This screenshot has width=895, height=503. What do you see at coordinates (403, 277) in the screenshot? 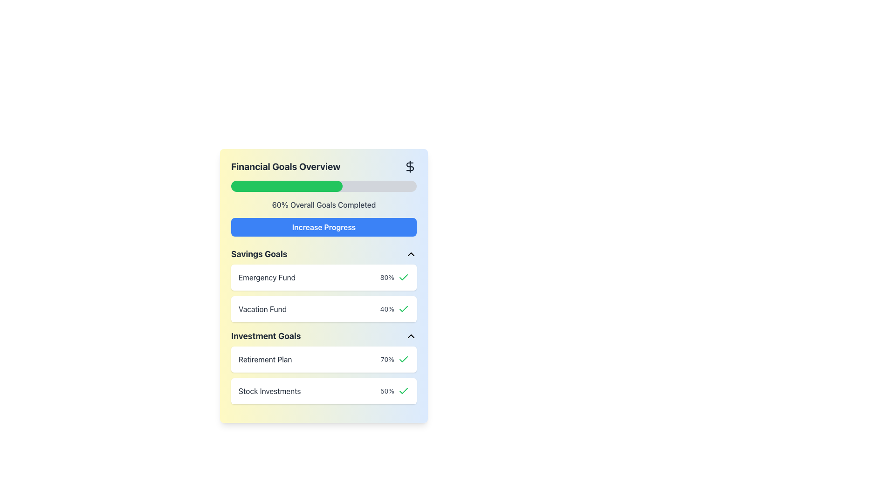
I see `the checkmark icon that signifies the completion status of the 'Emergency Fund' goal, located to the right of the '80%' text in the 'Savings Goals' section` at bounding box center [403, 277].